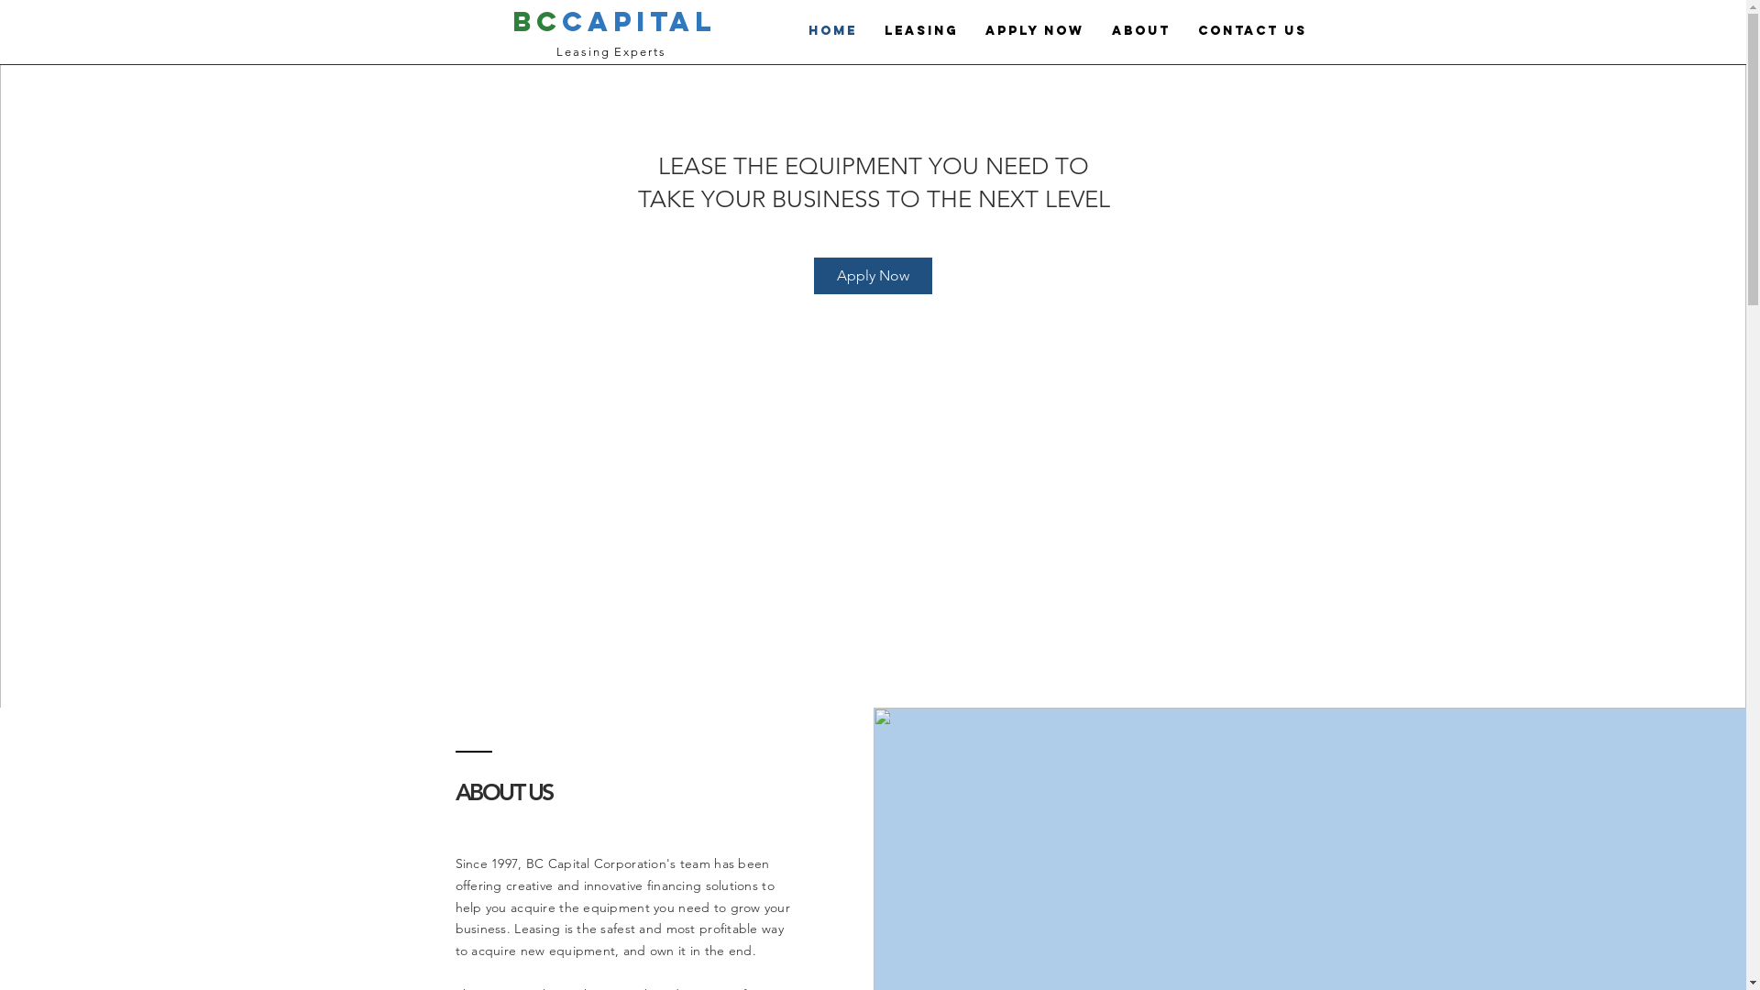  I want to click on 'Apply Now', so click(872, 275).